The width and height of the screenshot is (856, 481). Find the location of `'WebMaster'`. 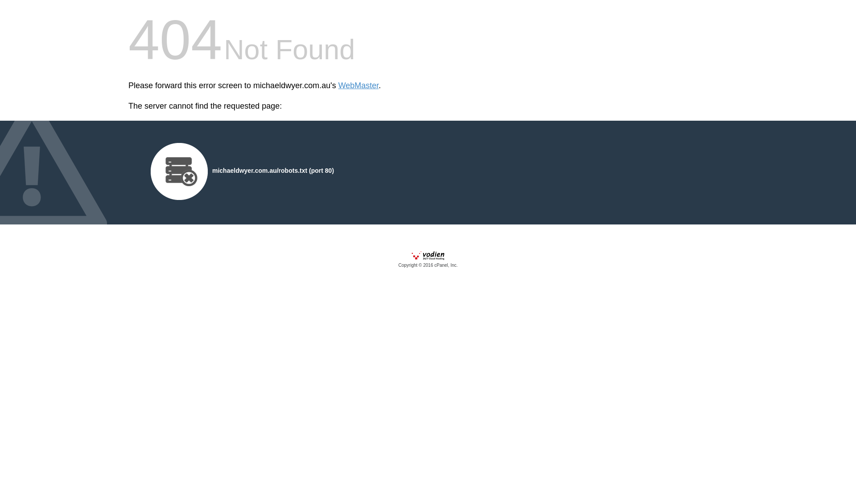

'WebMaster' is located at coordinates (358, 86).